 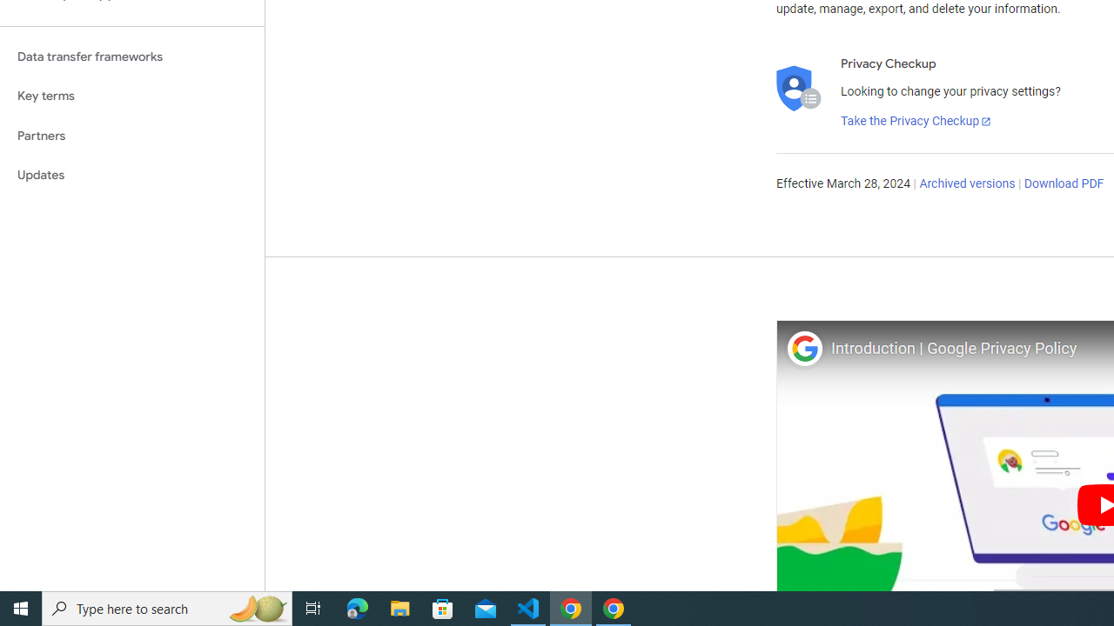 I want to click on 'Partners', so click(x=131, y=135).